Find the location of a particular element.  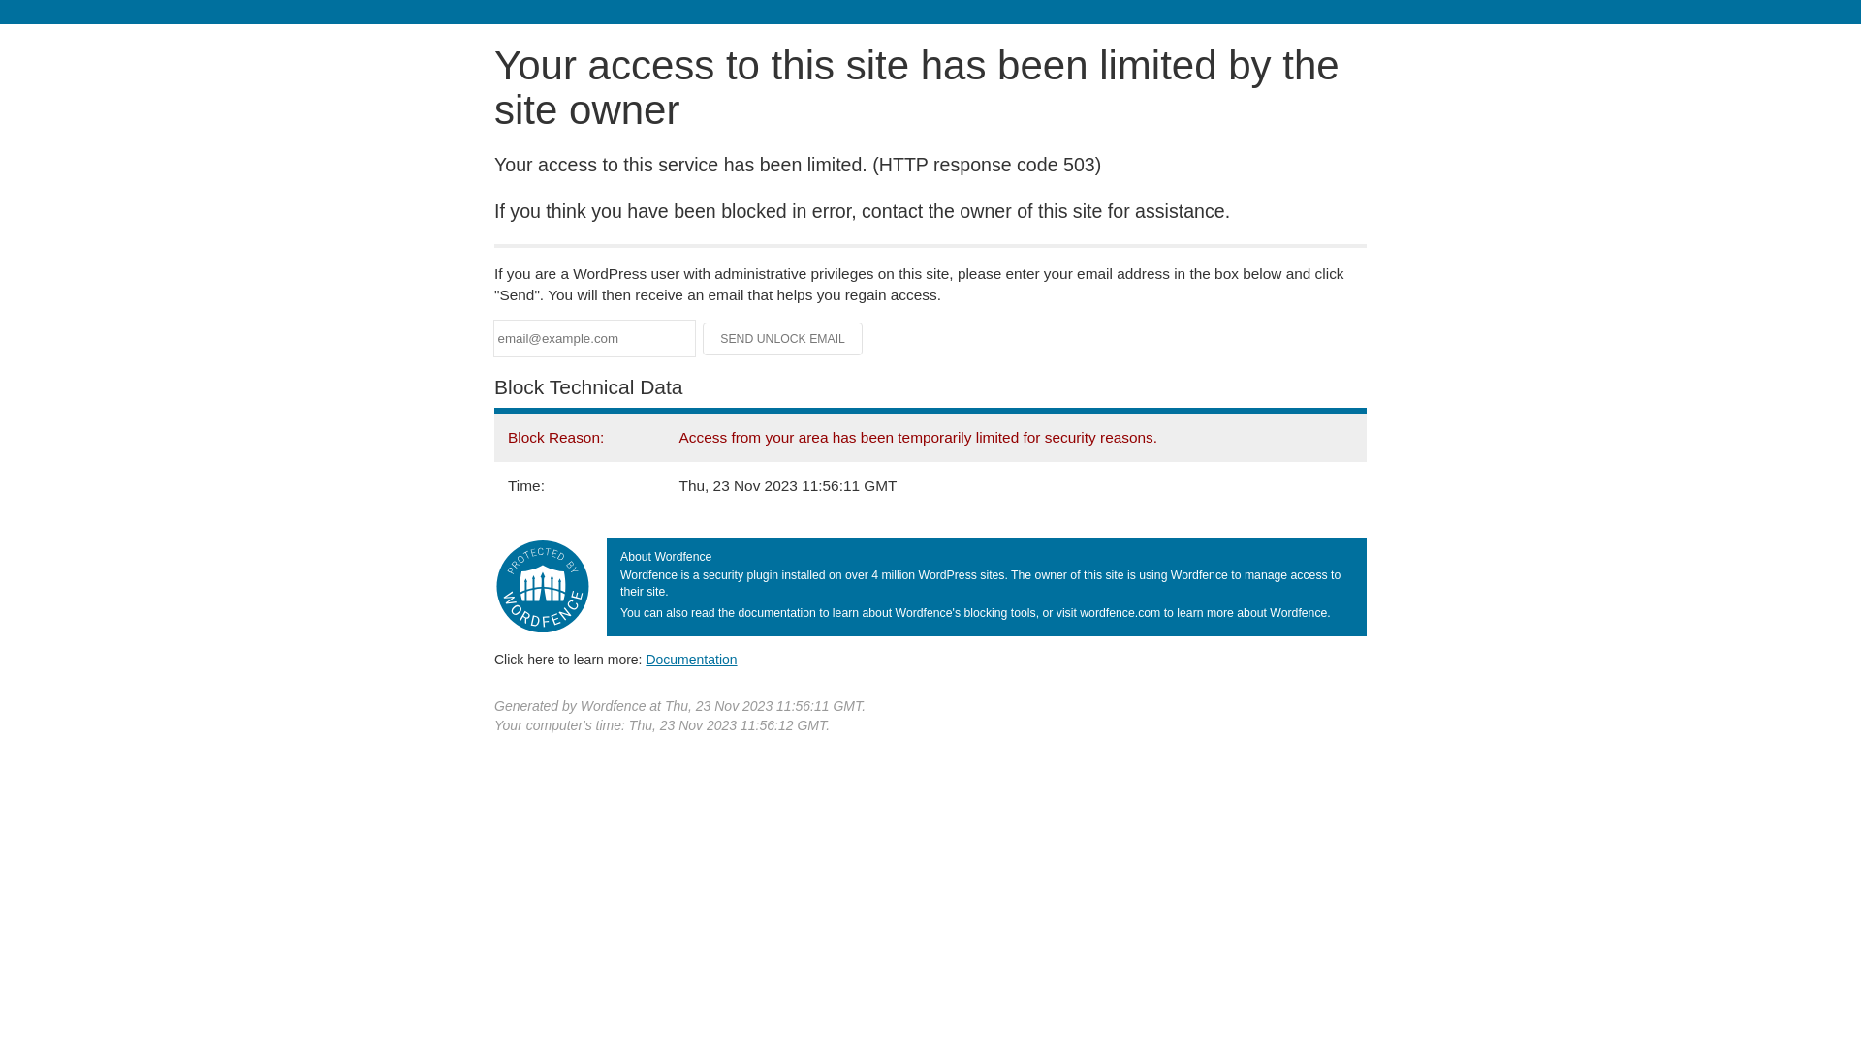

'Send Unlock Email' is located at coordinates (701, 338).